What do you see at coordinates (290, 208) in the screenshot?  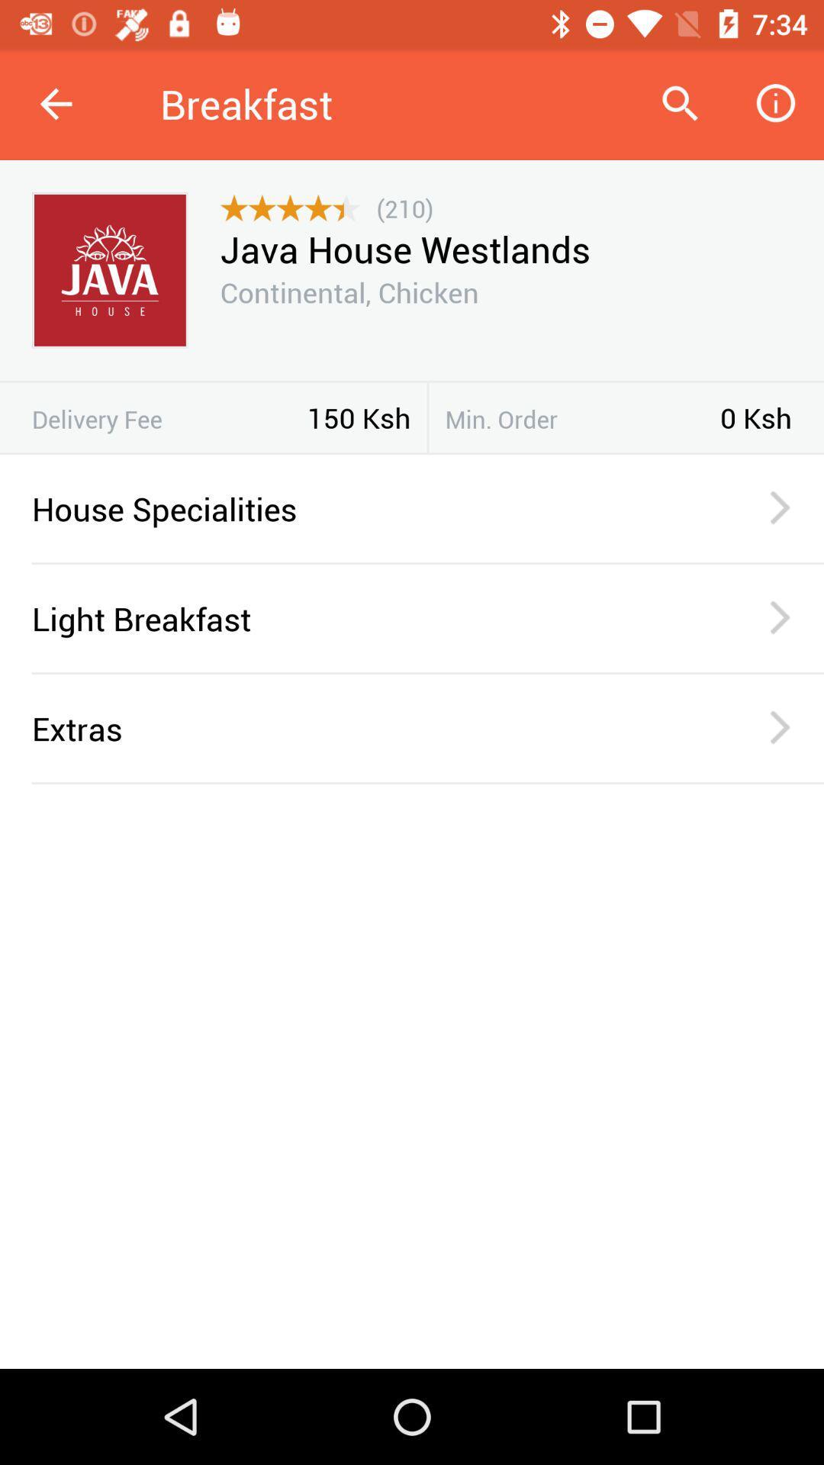 I see `the icon to the left of the (210) icon` at bounding box center [290, 208].